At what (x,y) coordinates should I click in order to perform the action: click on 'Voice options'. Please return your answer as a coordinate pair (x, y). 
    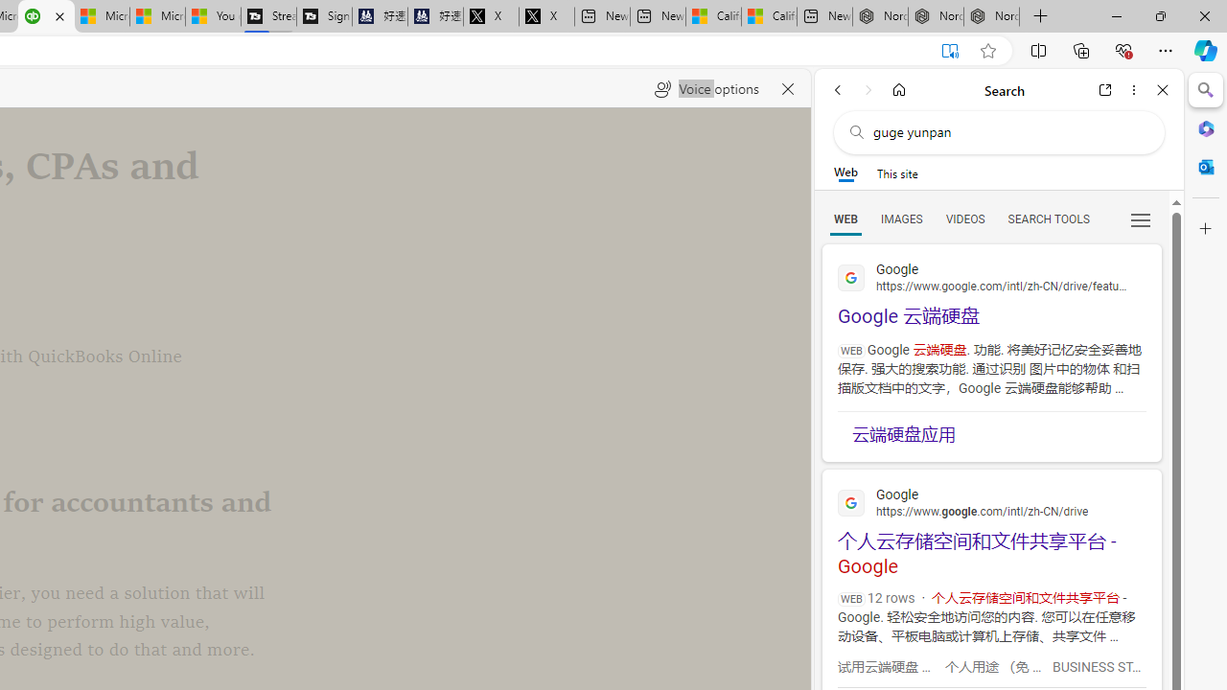
    Looking at the image, I should click on (706, 88).